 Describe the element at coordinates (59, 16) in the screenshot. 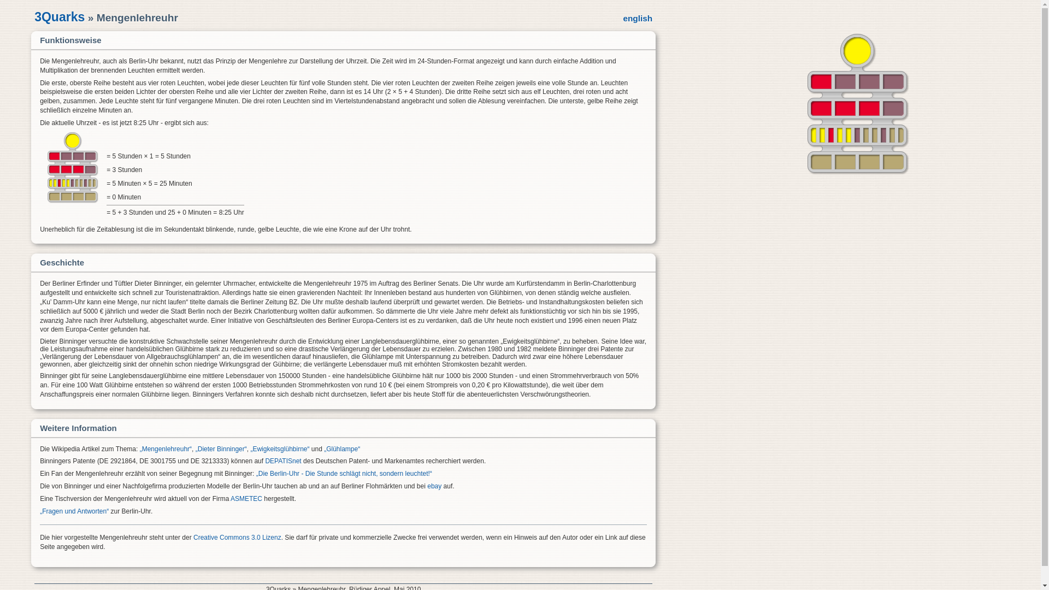

I see `'3Quarks'` at that location.